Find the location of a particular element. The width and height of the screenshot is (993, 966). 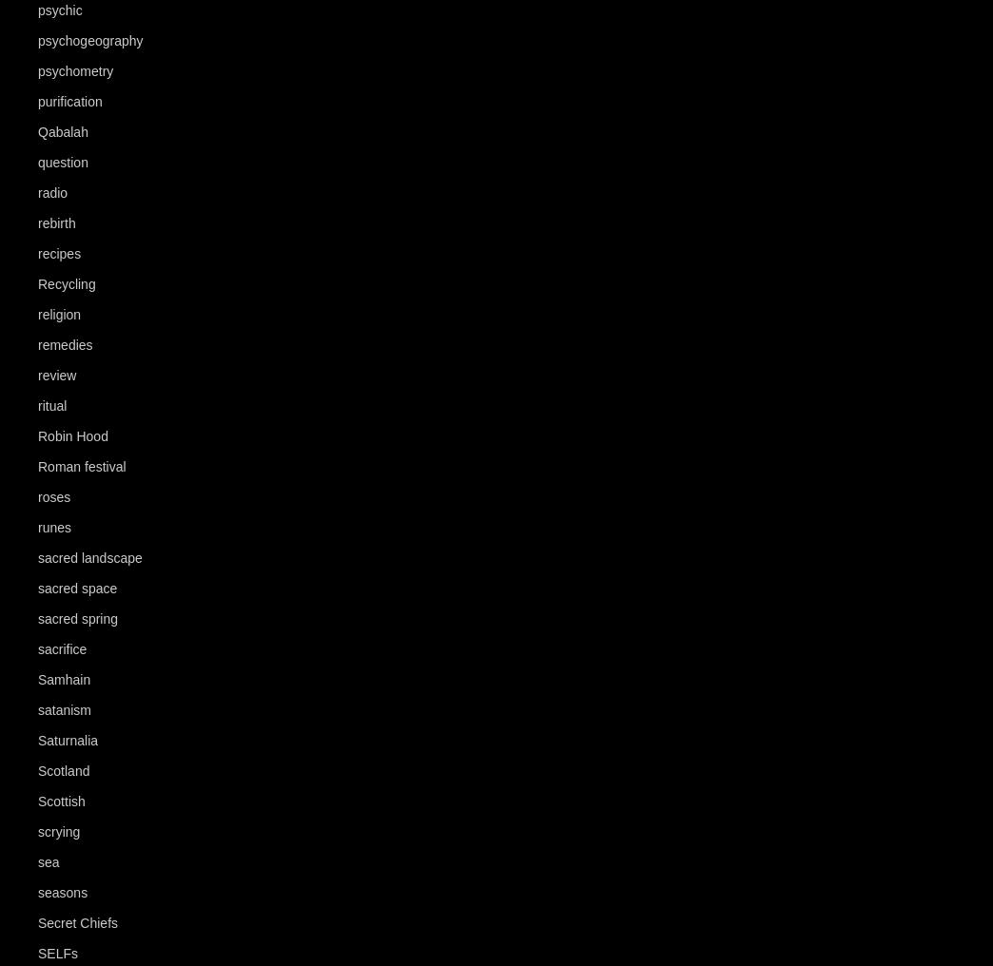

'sacred spring' is located at coordinates (77, 617).